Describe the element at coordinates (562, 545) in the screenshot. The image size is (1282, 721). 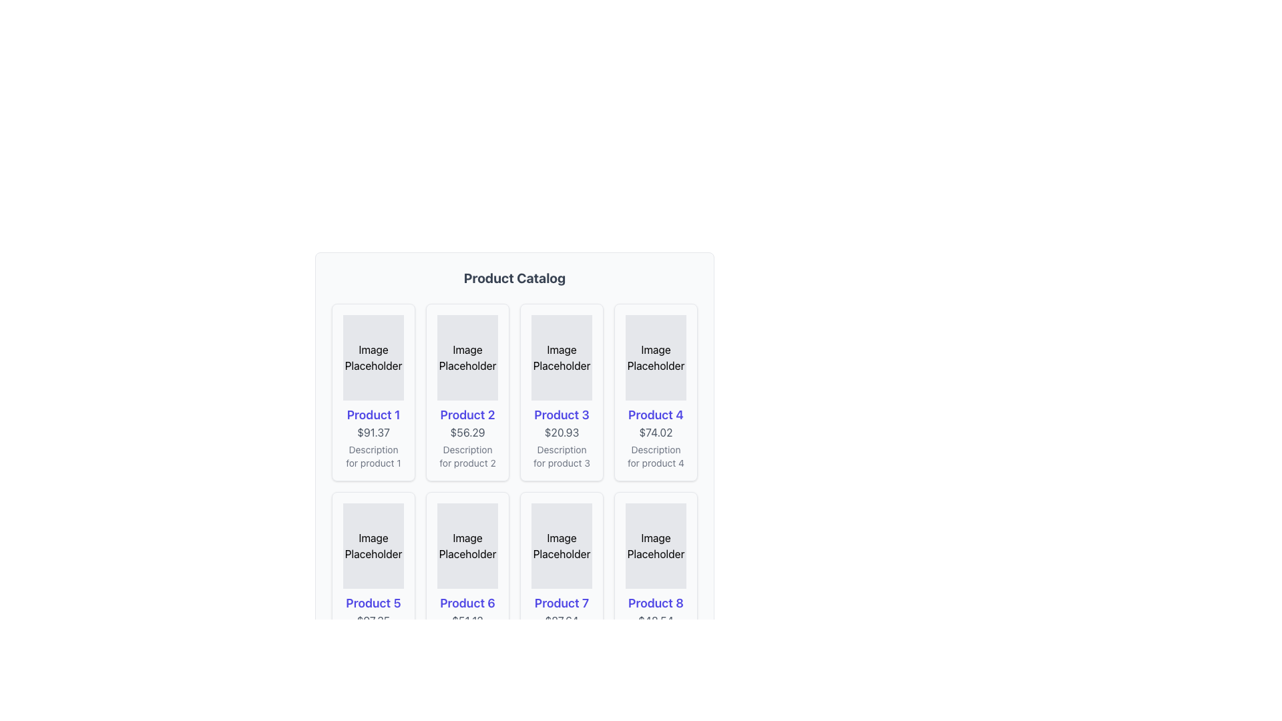
I see `on the Image Placeholder with centered text 'Image Placeholder' in dark gray font located in the bottom row, third column of the product catalog grid for 'Product 7'` at that location.